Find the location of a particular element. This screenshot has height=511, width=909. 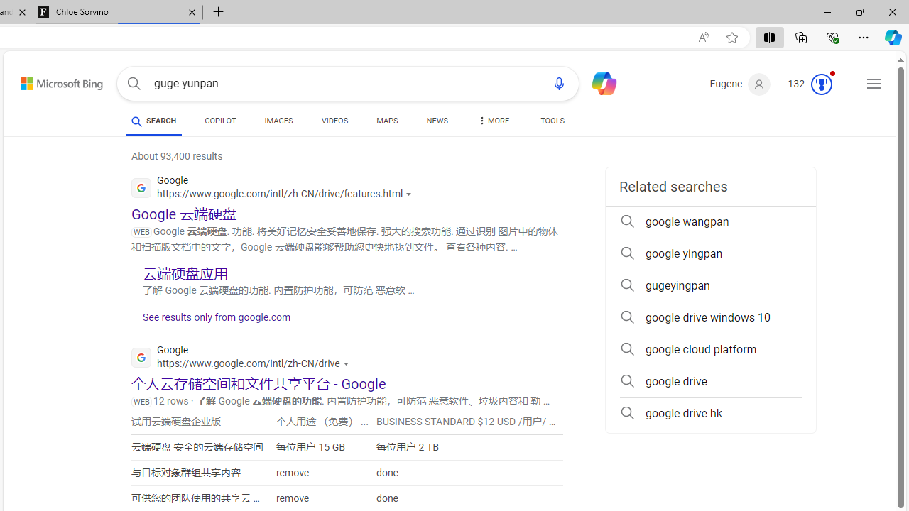

'Dropdown Menu' is located at coordinates (492, 121).